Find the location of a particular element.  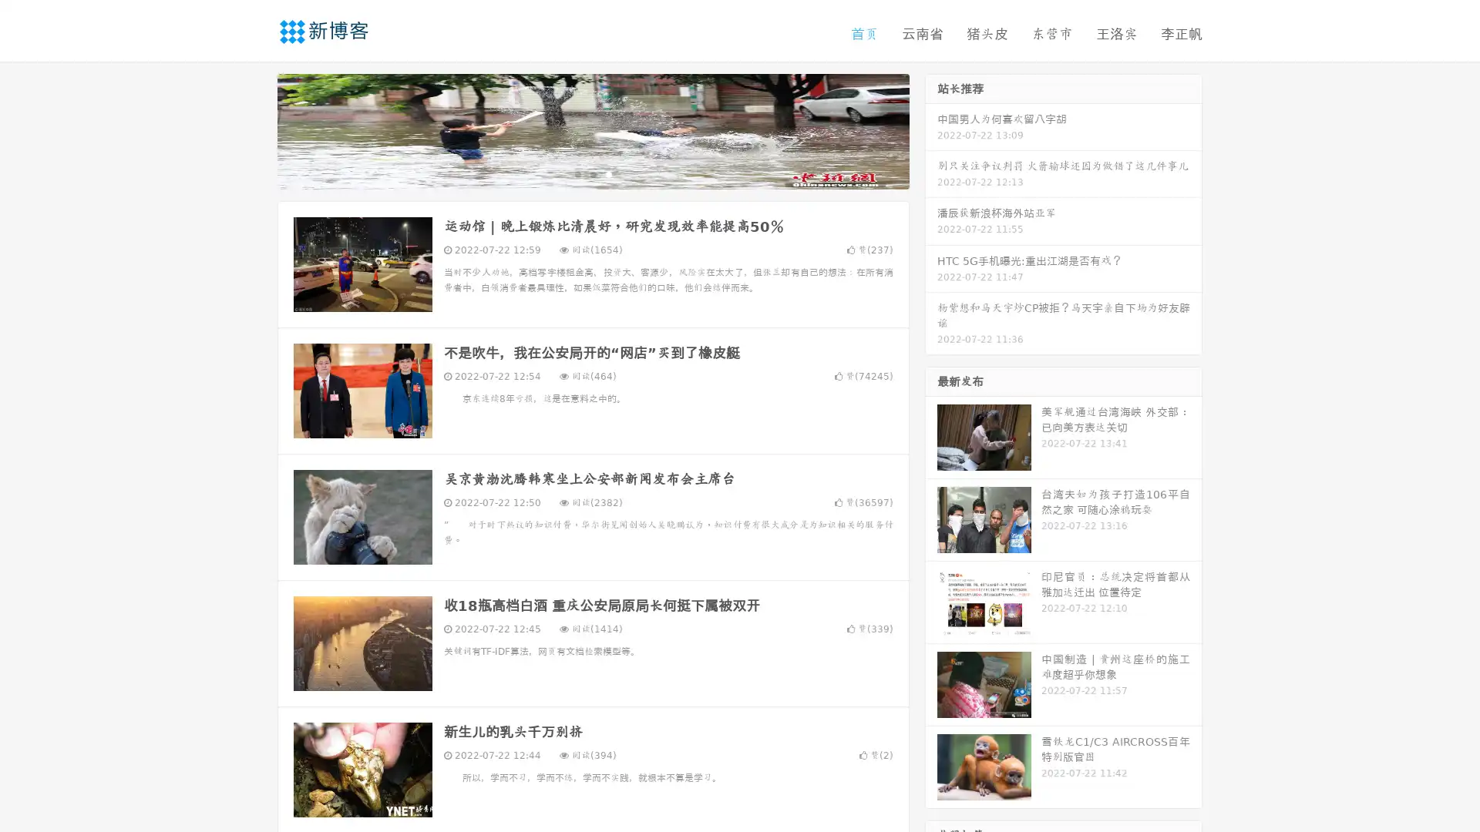

Next slide is located at coordinates (931, 129).